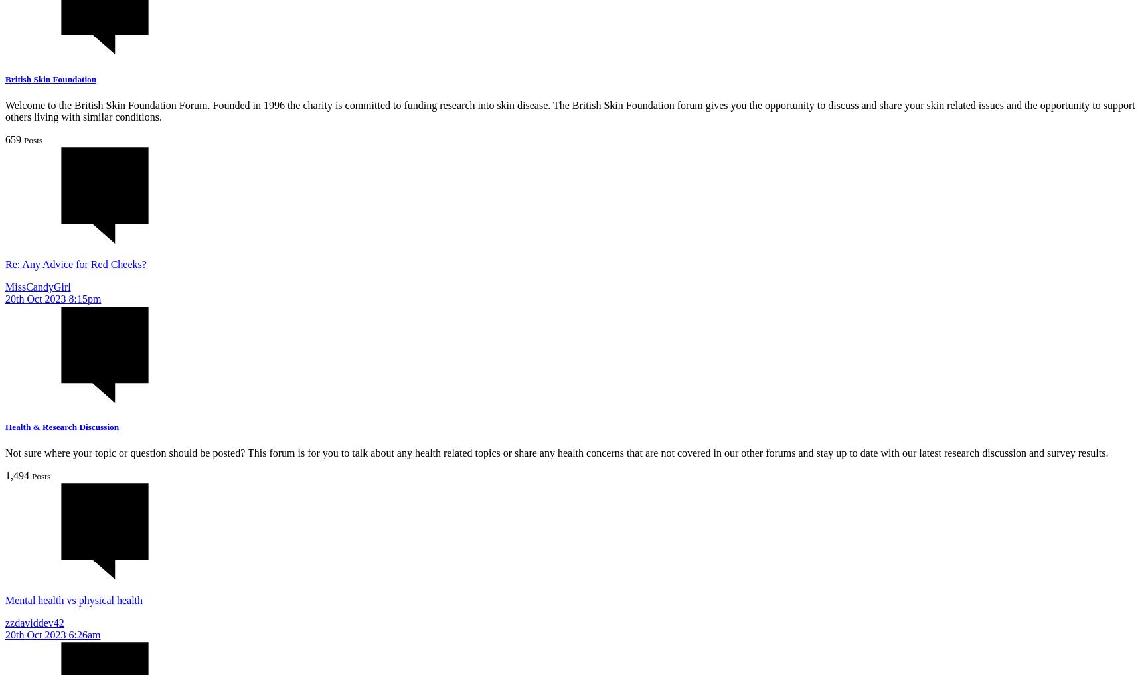 Image resolution: width=1146 pixels, height=675 pixels. Describe the element at coordinates (61, 426) in the screenshot. I see `'Health & Research Discussion'` at that location.